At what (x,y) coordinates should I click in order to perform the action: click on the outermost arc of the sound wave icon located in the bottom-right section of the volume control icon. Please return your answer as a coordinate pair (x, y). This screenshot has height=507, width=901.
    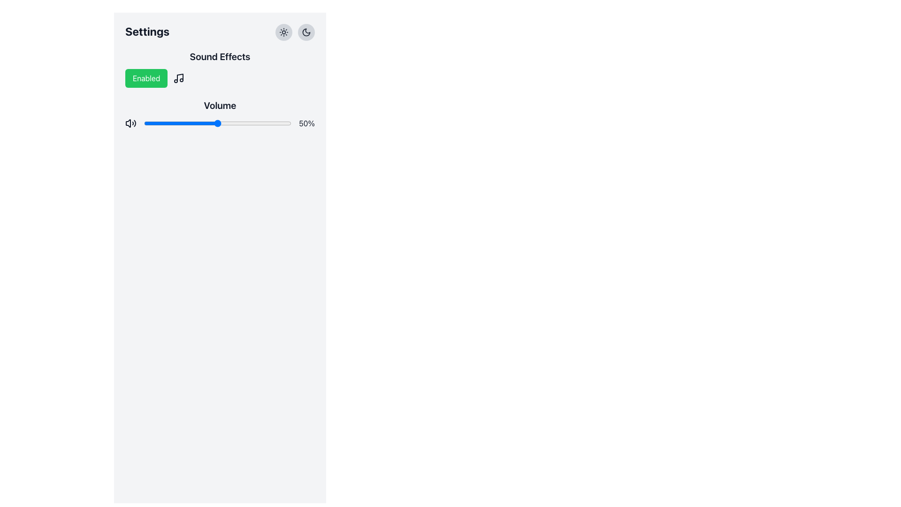
    Looking at the image, I should click on (134, 123).